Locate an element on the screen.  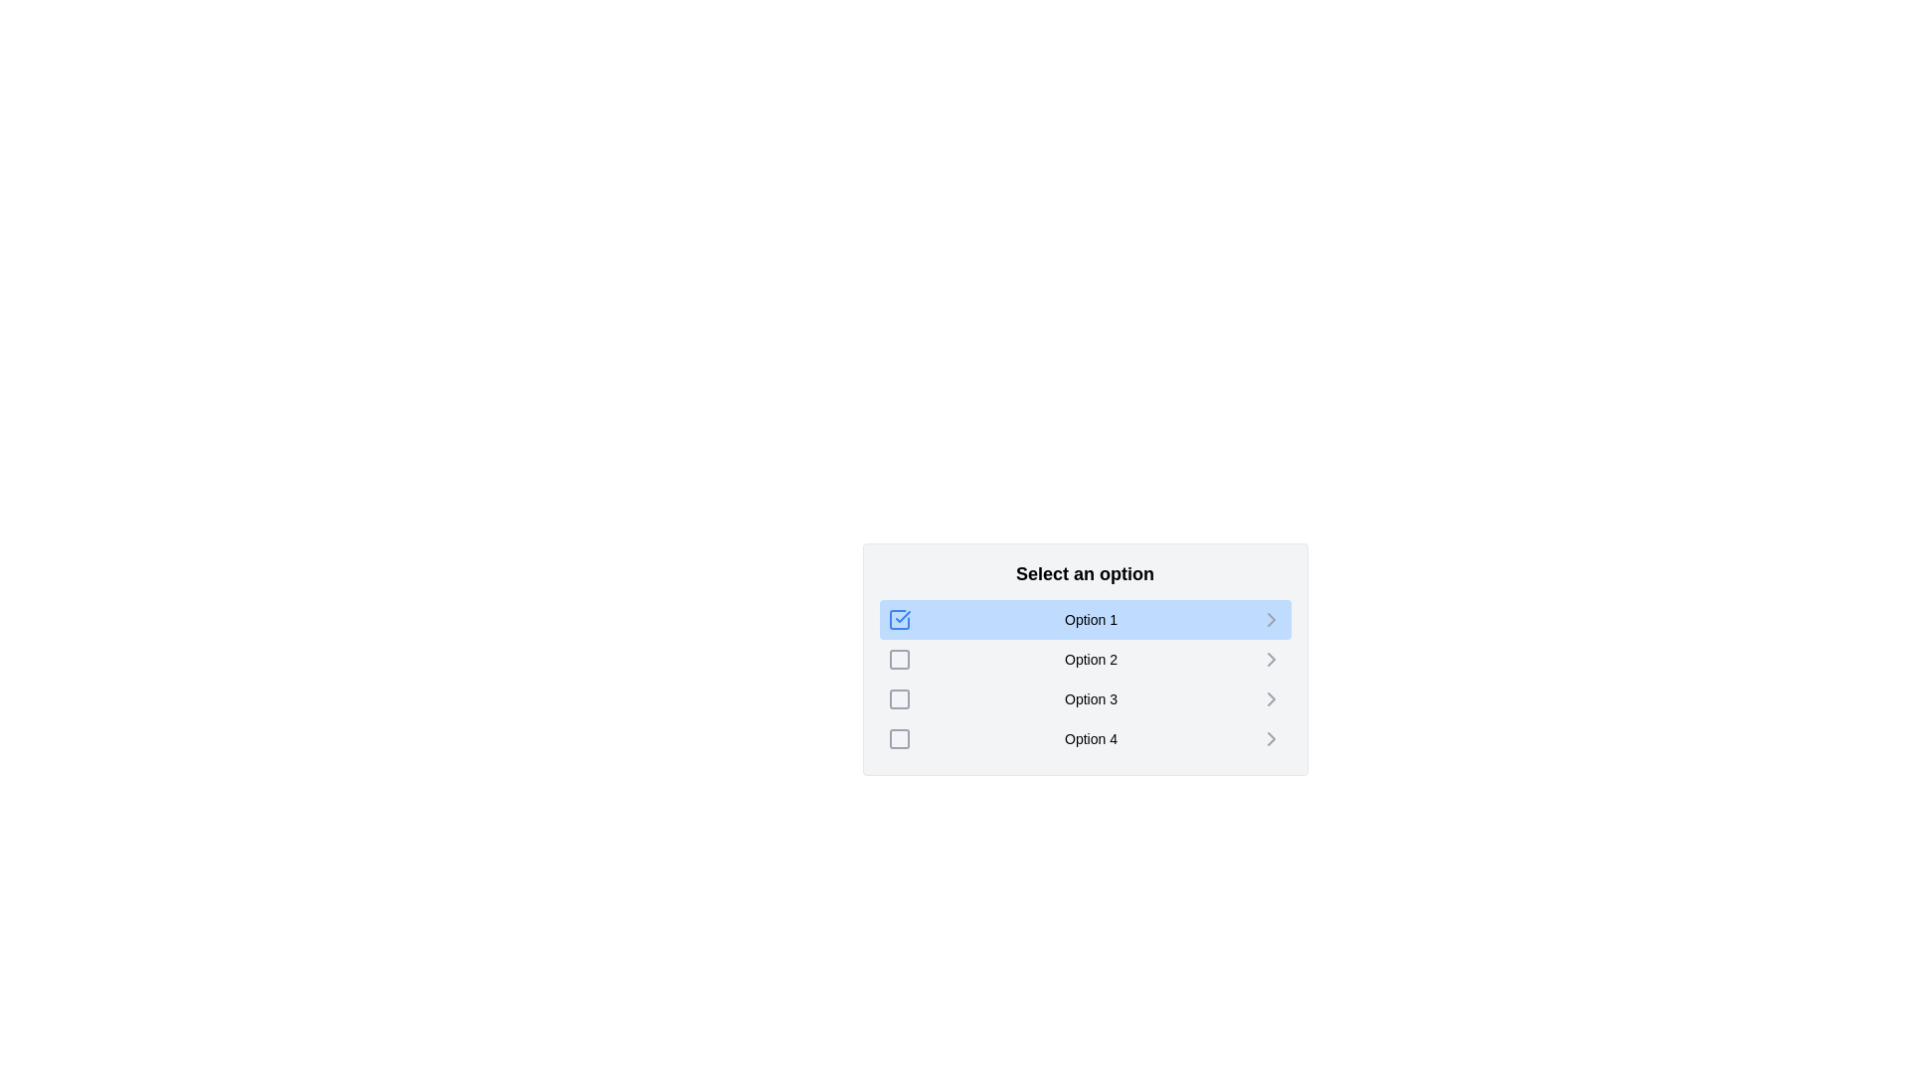
the rightward pointing arrow icon adjacent to 'Option 2' is located at coordinates (1270, 739).